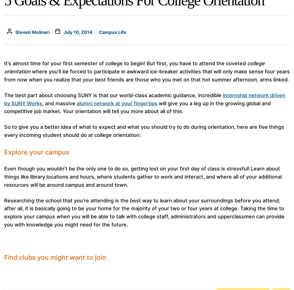 Image resolution: width=294 pixels, height=290 pixels. I want to click on 'For the third consecutive year, Billboard has named SUNY Oneonta to its list of the world’s "Top Music Business Schools."...', so click(127, 112).